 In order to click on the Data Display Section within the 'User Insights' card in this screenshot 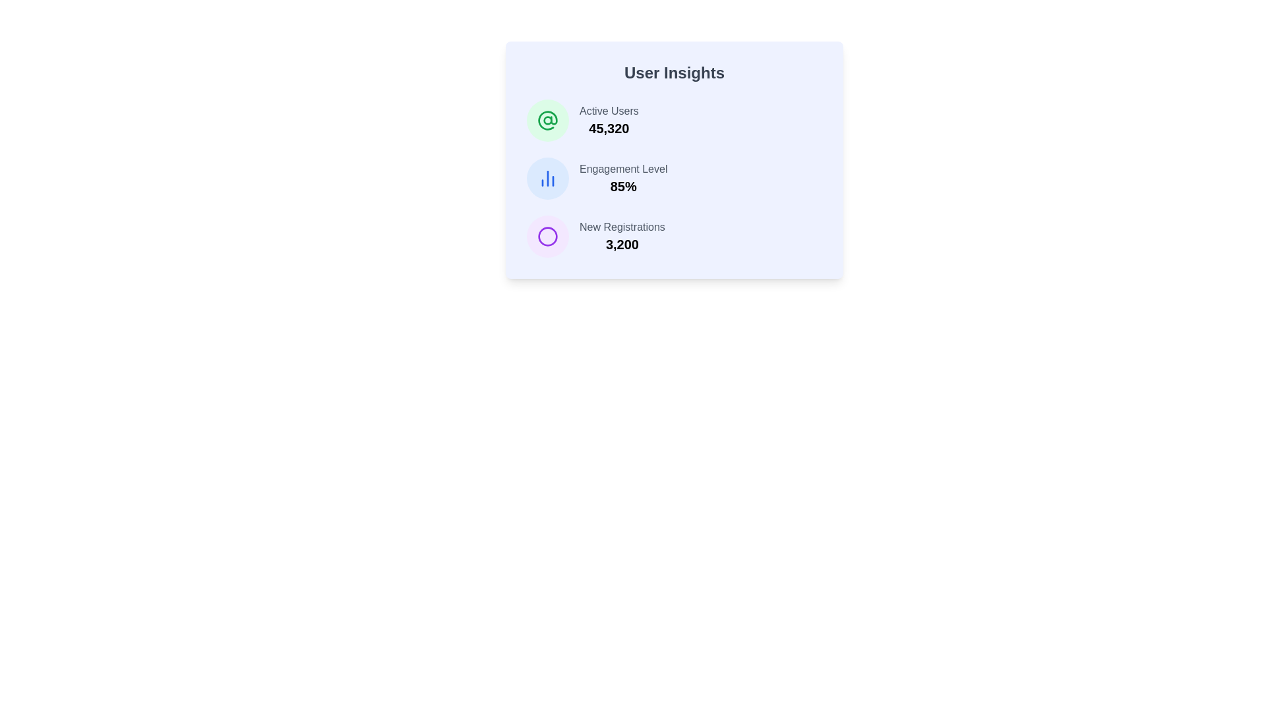, I will do `click(674, 178)`.